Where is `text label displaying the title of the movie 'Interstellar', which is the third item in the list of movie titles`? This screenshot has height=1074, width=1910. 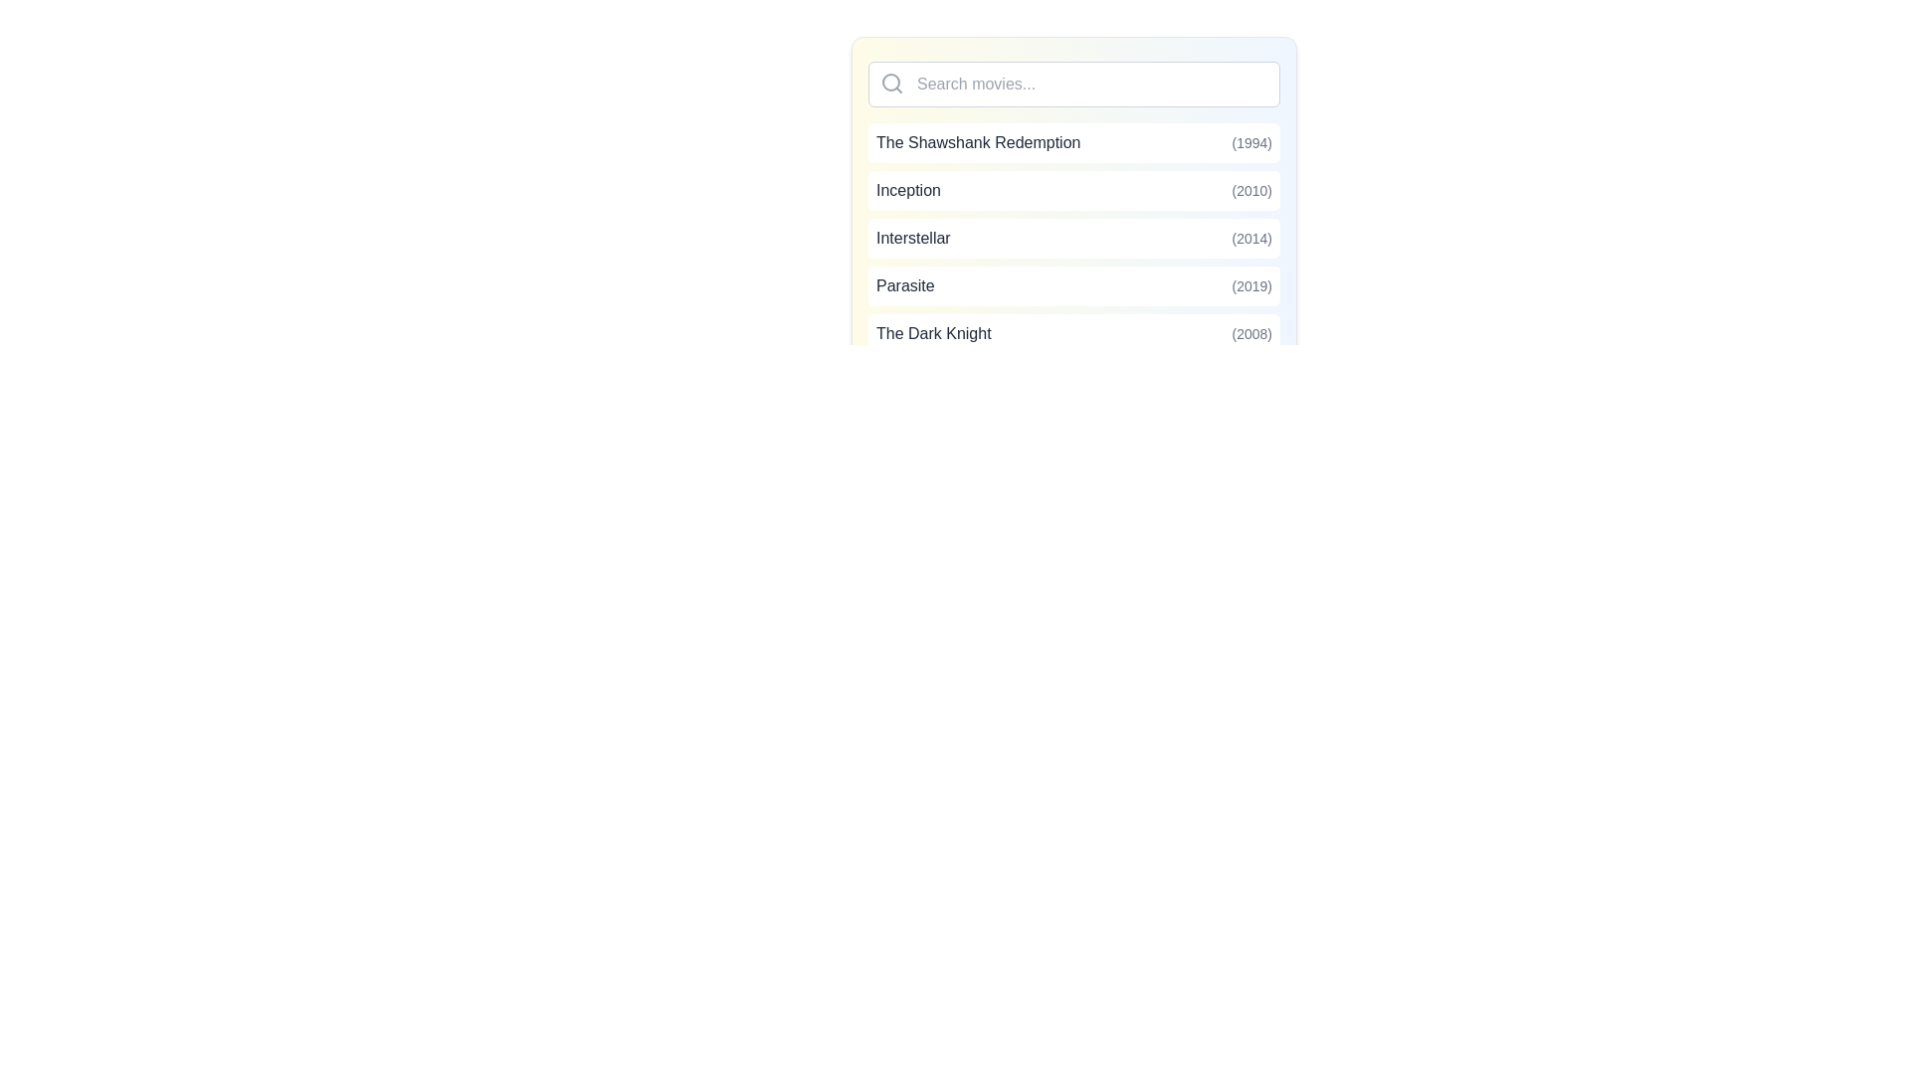
text label displaying the title of the movie 'Interstellar', which is the third item in the list of movie titles is located at coordinates (912, 237).